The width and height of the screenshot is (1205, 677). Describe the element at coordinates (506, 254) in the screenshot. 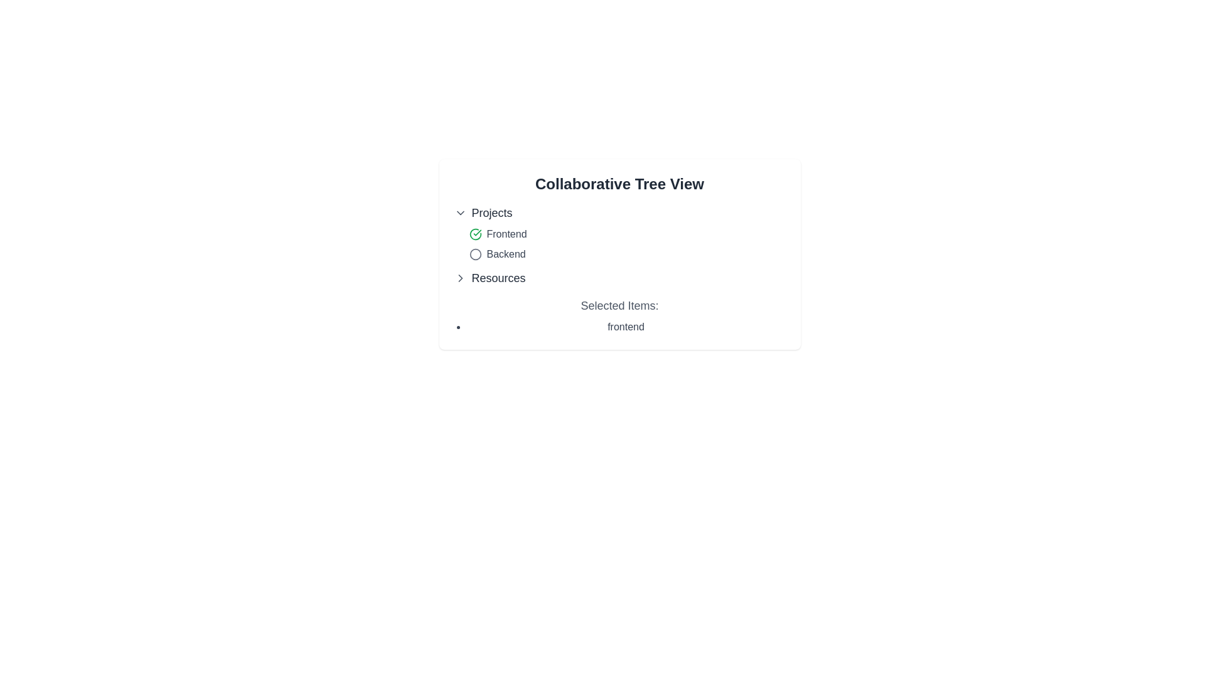

I see `the text content of the 'Backend' label, which is styled in dark gray and indicates an inactive state, located within the 'Projects' section under the 'Collaborative Tree View' heading` at that location.